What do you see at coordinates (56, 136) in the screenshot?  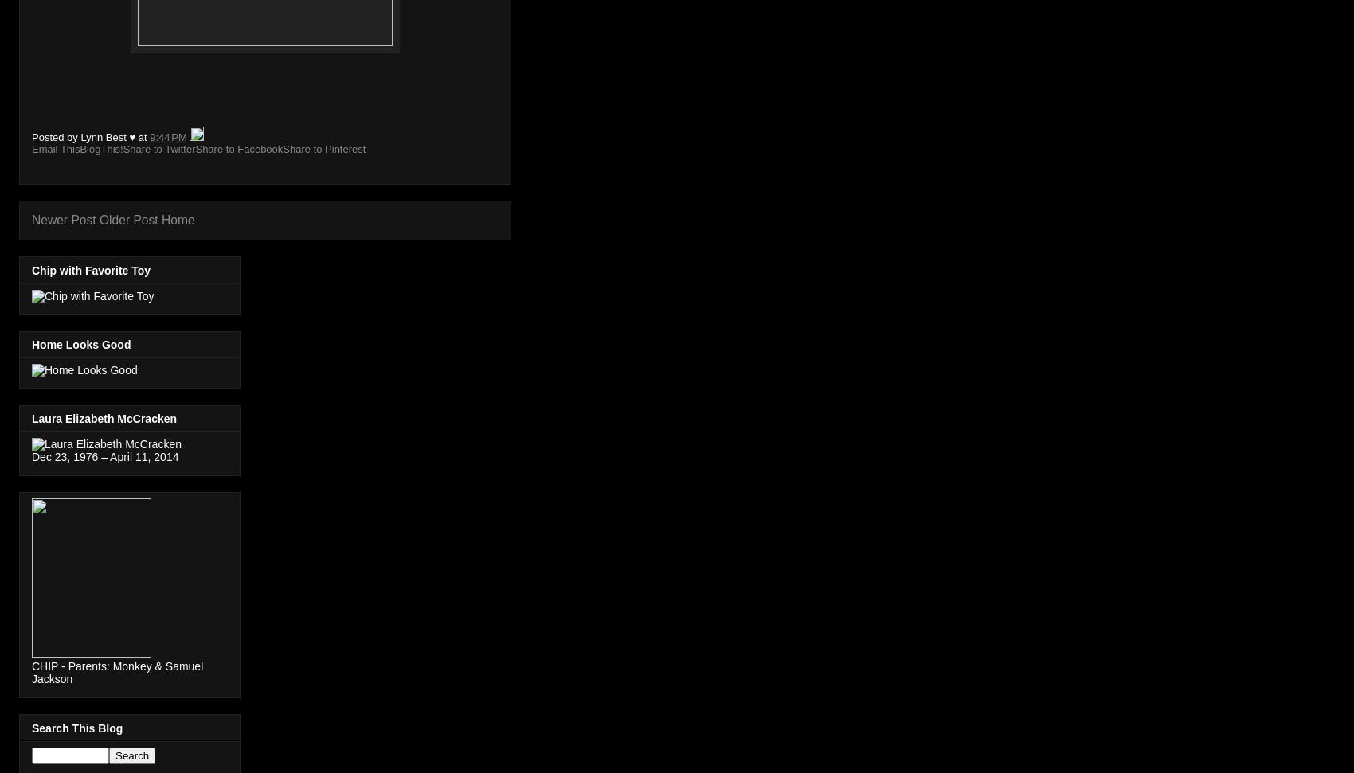 I see `'Posted by'` at bounding box center [56, 136].